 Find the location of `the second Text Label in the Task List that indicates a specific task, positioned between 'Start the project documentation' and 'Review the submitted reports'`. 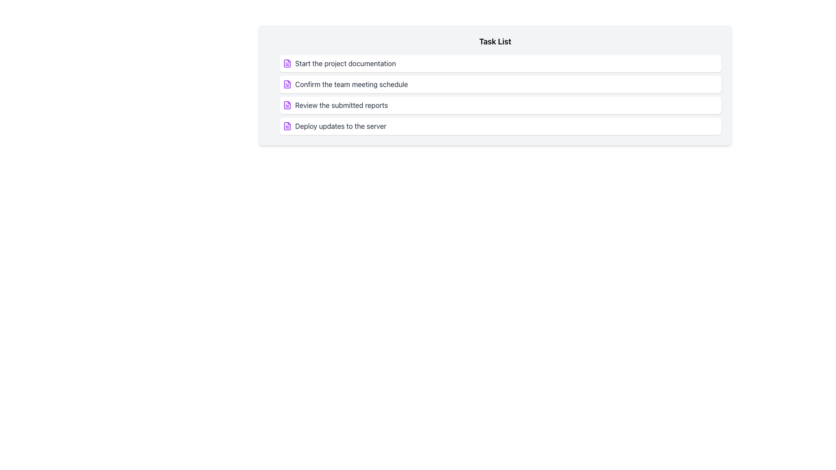

the second Text Label in the Task List that indicates a specific task, positioned between 'Start the project documentation' and 'Review the submitted reports' is located at coordinates (351, 84).